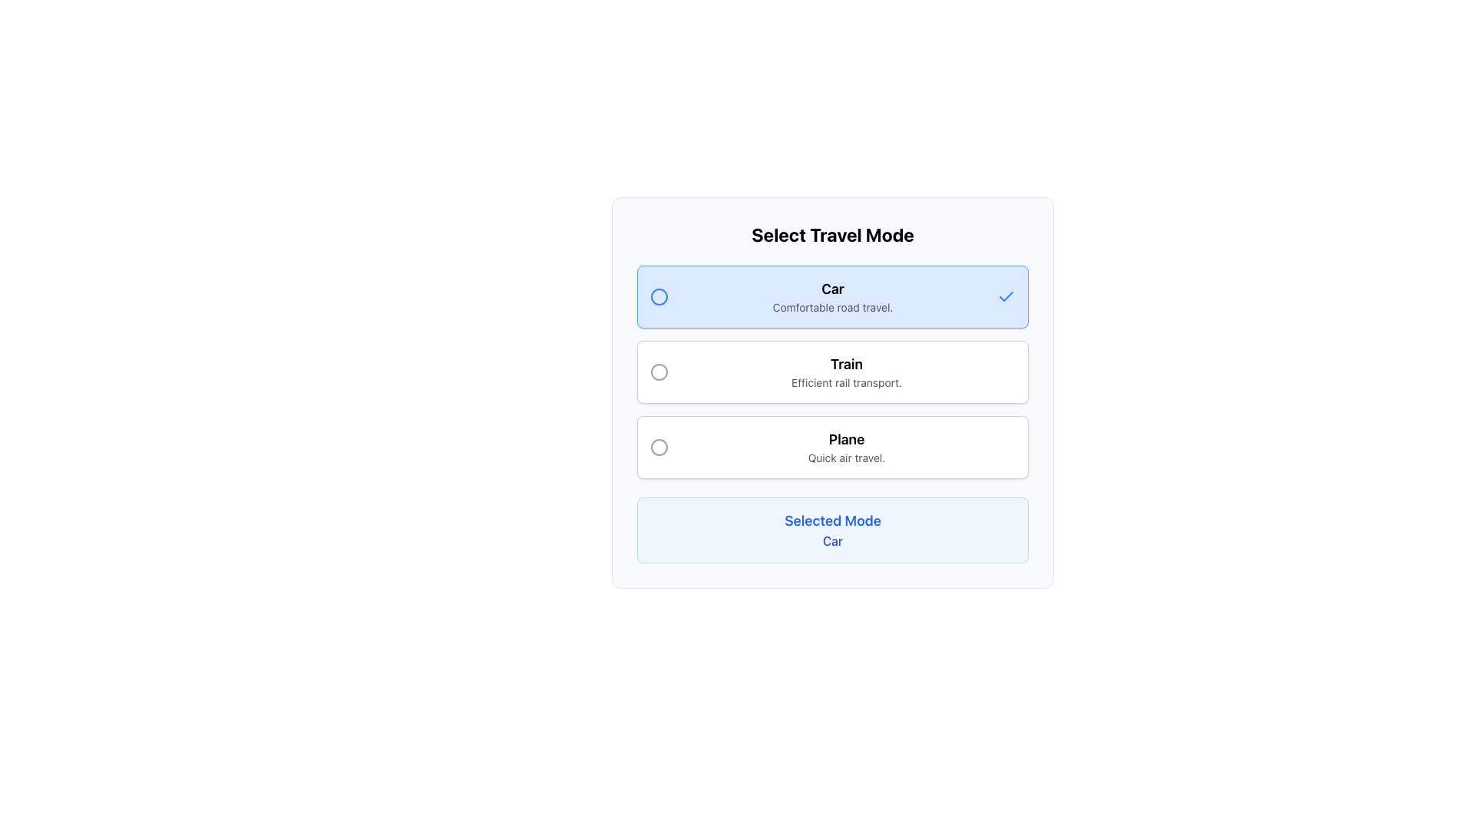  Describe the element at coordinates (846, 447) in the screenshot. I see `the text display element that contains the bold title 'Plane' and the secondary description 'Quick air travel'` at that location.